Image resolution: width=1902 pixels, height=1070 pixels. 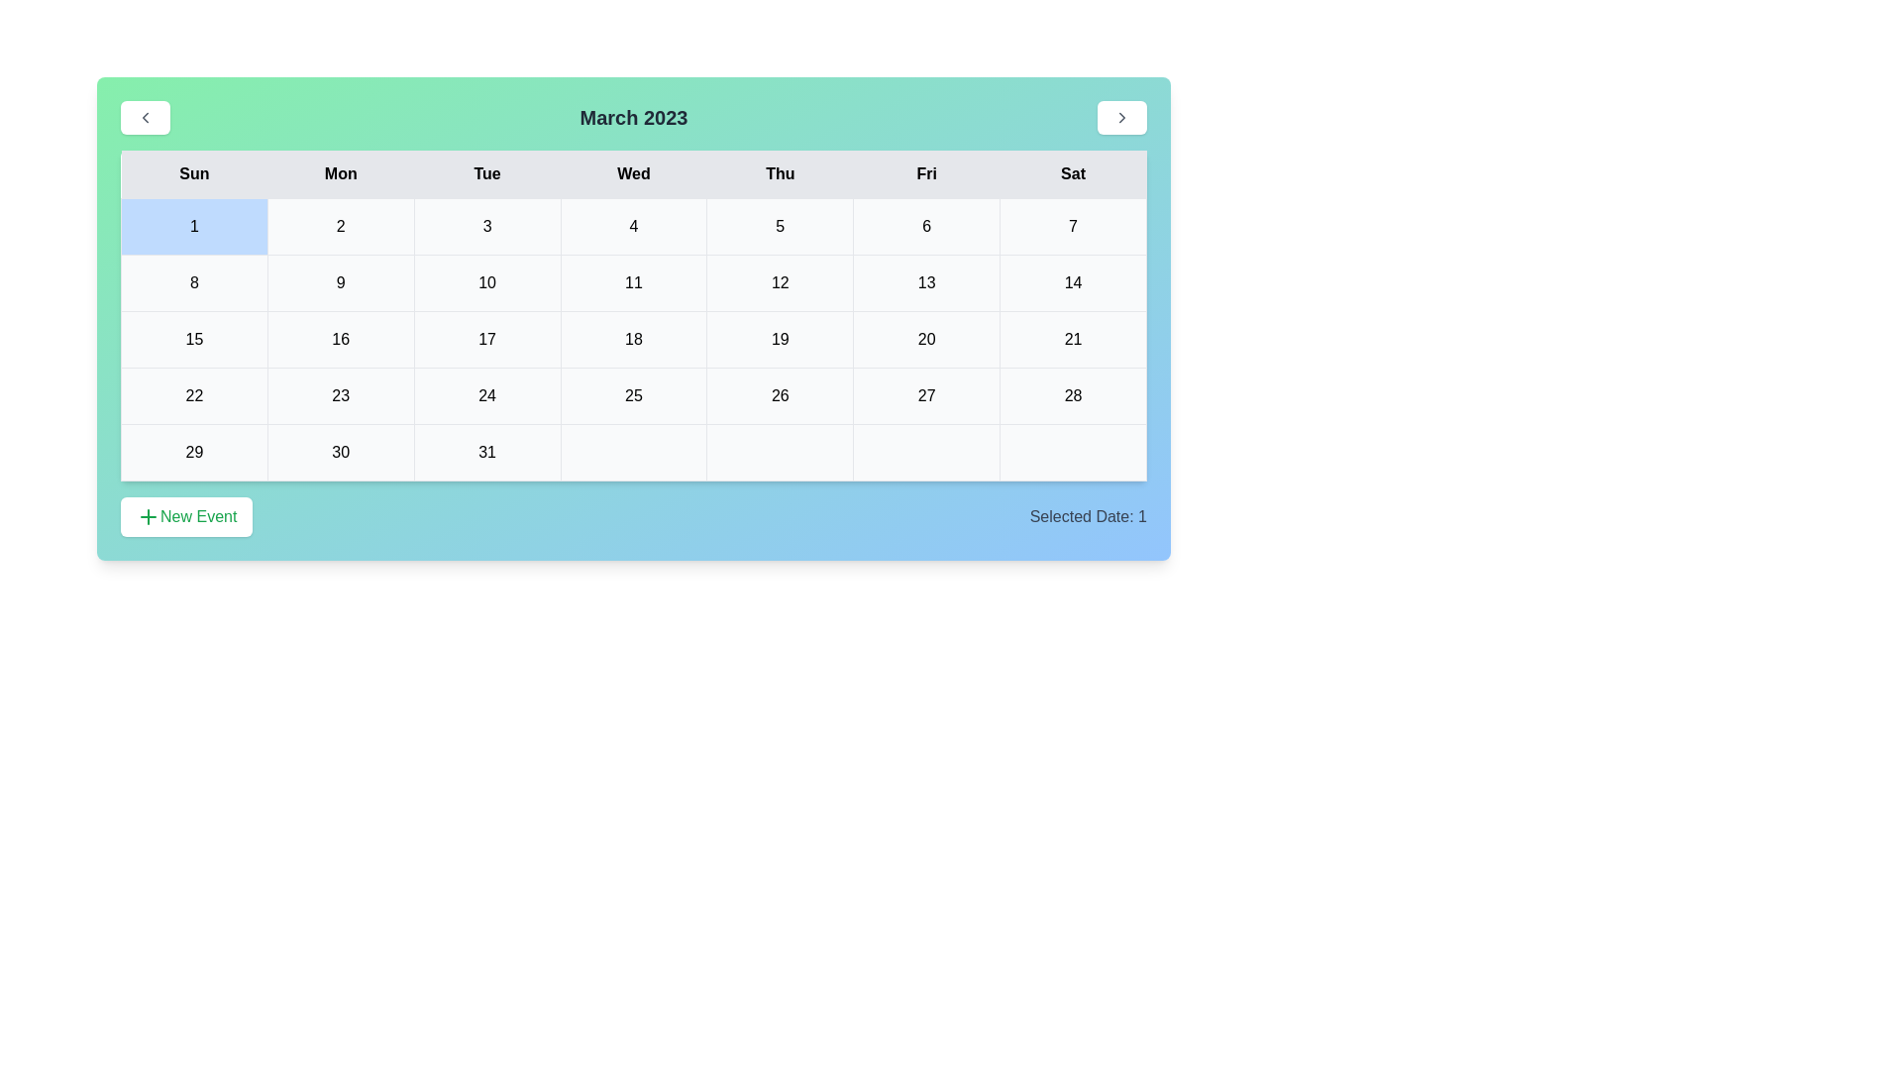 I want to click on the 'New Event' button to create a new event, so click(x=186, y=515).